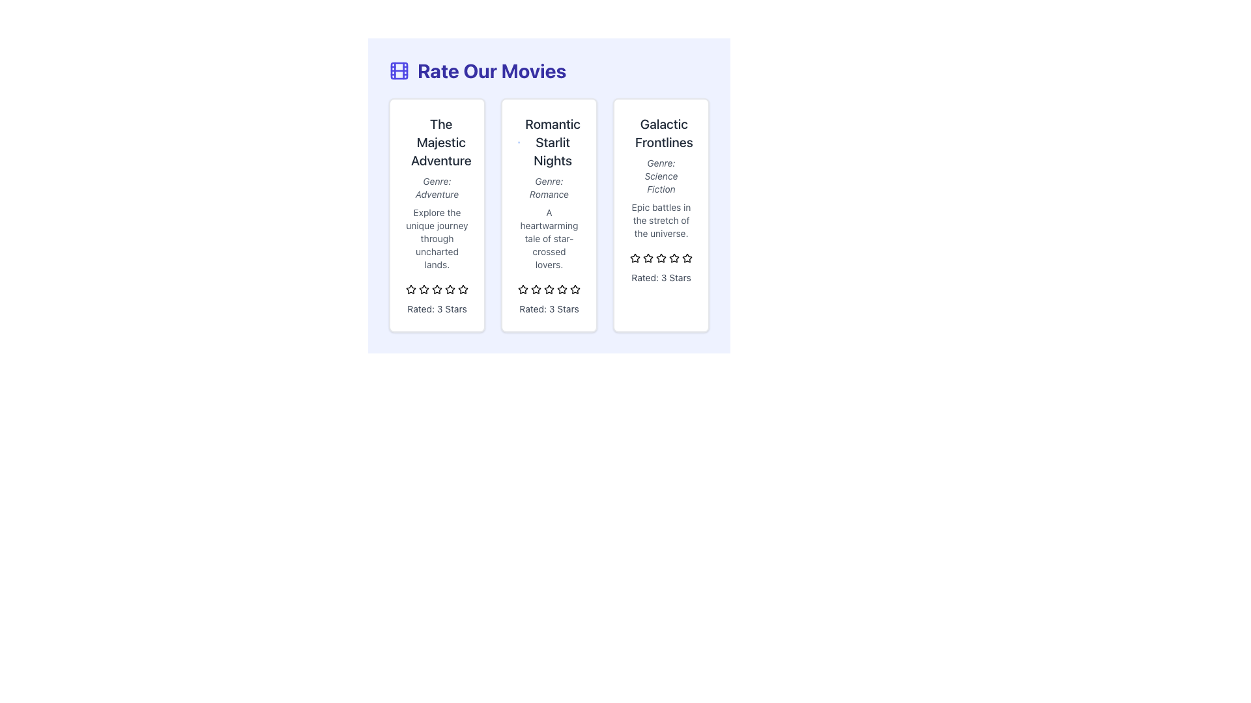 This screenshot has width=1251, height=703. What do you see at coordinates (661, 215) in the screenshot?
I see `the Informational Card titled 'Galactic Frontlines', which features a white background, rounded corners, and includes a subtitle and description, located in the rightmost position of a three-column grid layout` at bounding box center [661, 215].